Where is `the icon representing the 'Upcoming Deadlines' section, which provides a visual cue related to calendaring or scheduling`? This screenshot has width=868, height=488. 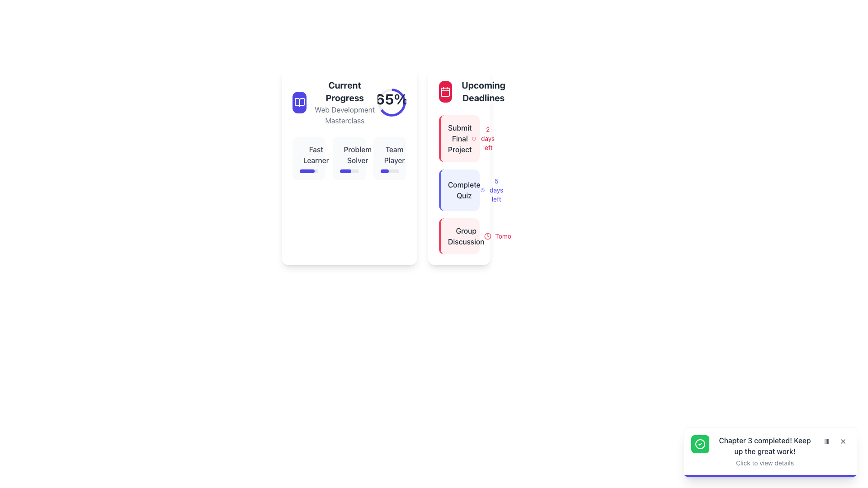 the icon representing the 'Upcoming Deadlines' section, which provides a visual cue related to calendaring or scheduling is located at coordinates (445, 92).